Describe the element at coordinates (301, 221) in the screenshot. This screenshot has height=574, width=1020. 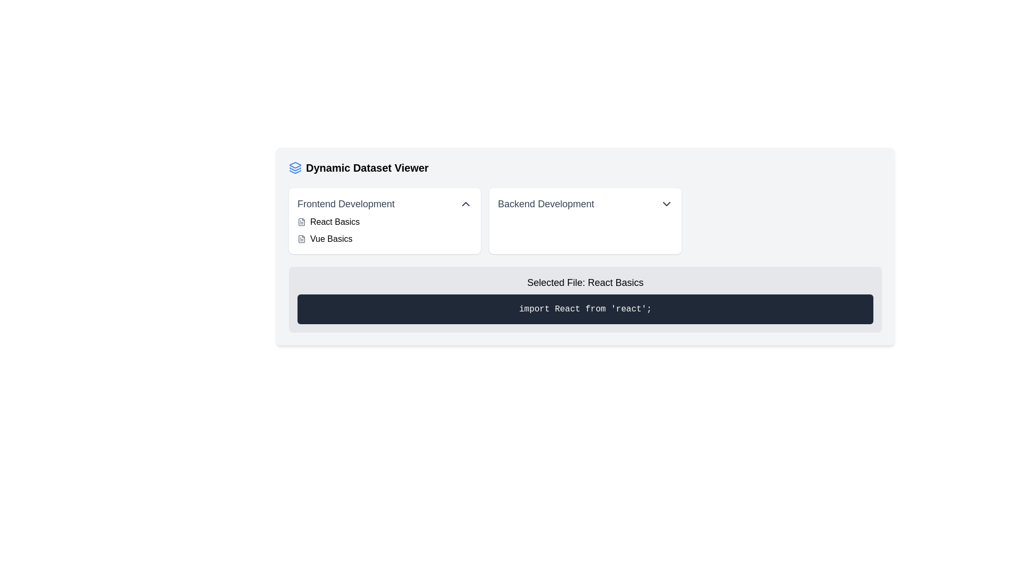
I see `the document icon located directly to the left of the 'React Basics' text under the 'Frontend Development' category` at that location.